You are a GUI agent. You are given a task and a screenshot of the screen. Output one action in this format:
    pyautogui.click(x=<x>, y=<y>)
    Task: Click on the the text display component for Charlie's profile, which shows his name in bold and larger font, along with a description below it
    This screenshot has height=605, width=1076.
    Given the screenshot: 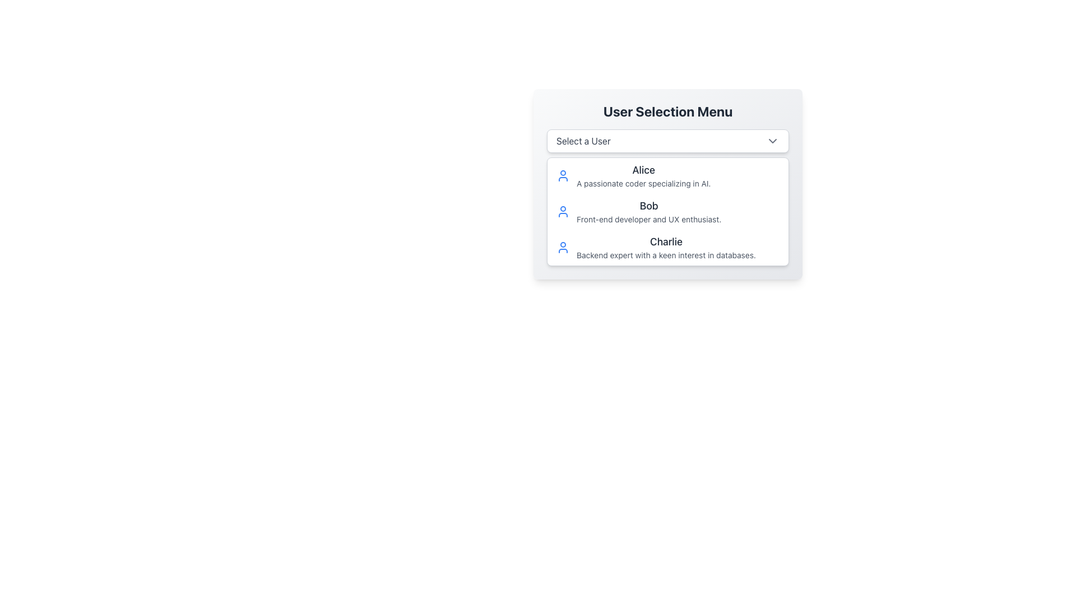 What is the action you would take?
    pyautogui.click(x=666, y=247)
    